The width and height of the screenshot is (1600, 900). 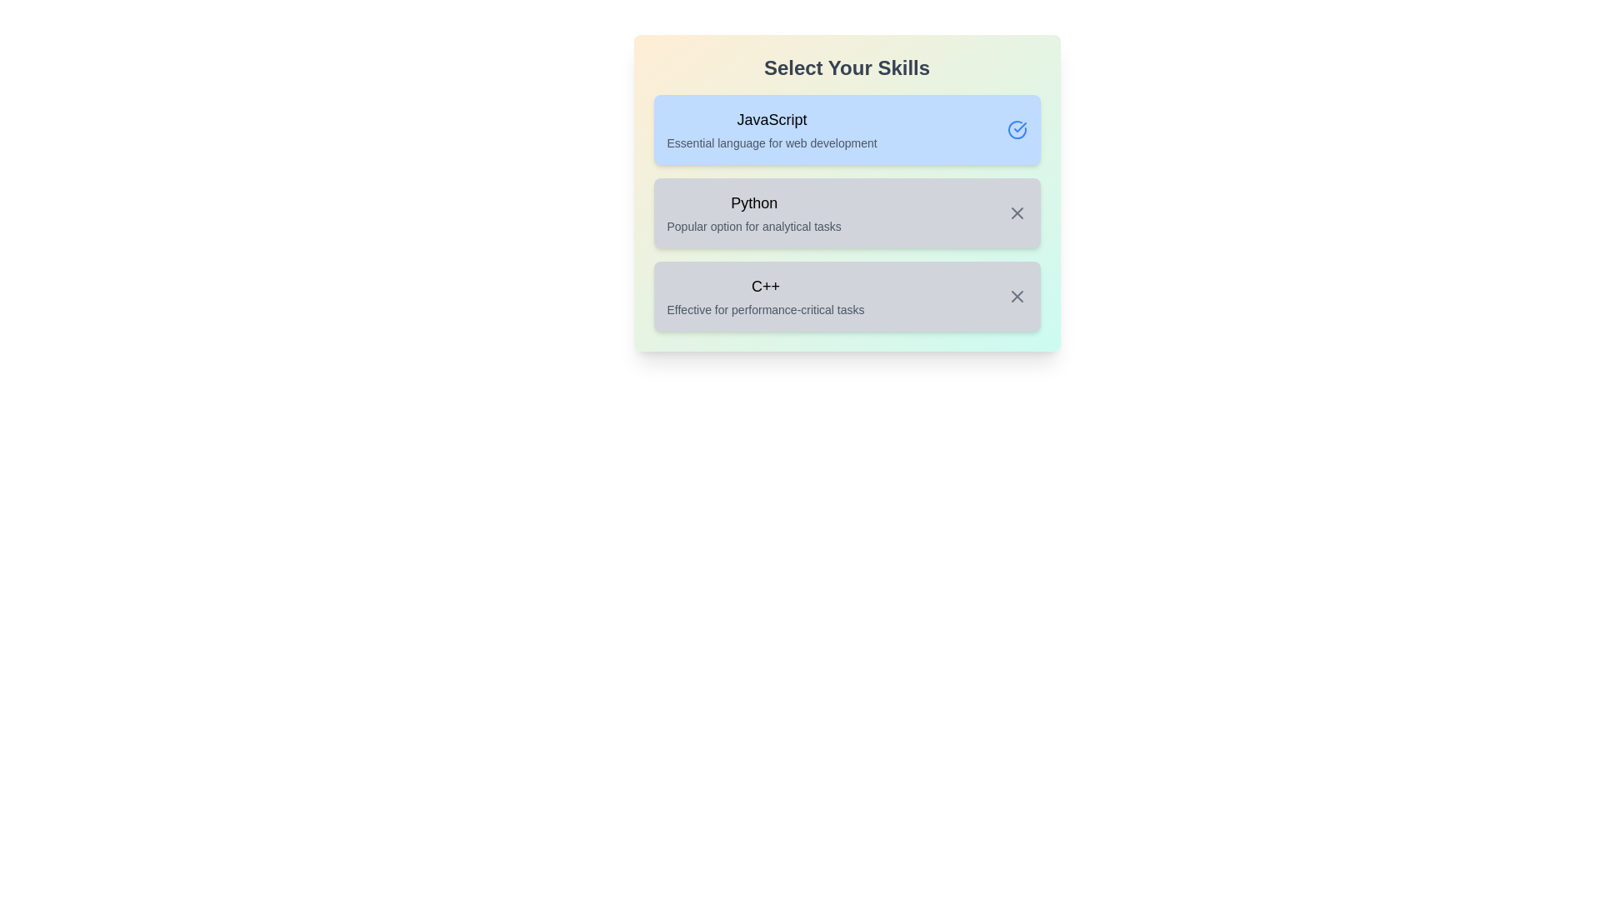 What do you see at coordinates (847, 128) in the screenshot?
I see `the skill item JavaScript to observe the hover effect` at bounding box center [847, 128].